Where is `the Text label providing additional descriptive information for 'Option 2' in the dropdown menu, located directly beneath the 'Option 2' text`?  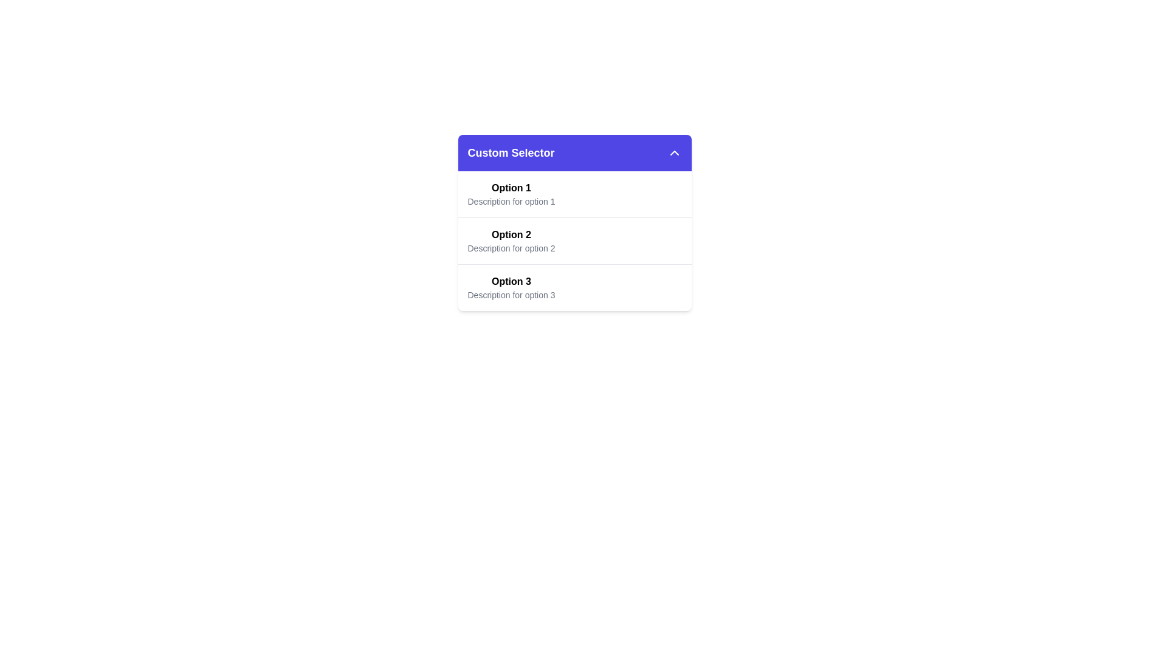
the Text label providing additional descriptive information for 'Option 2' in the dropdown menu, located directly beneath the 'Option 2' text is located at coordinates (511, 247).